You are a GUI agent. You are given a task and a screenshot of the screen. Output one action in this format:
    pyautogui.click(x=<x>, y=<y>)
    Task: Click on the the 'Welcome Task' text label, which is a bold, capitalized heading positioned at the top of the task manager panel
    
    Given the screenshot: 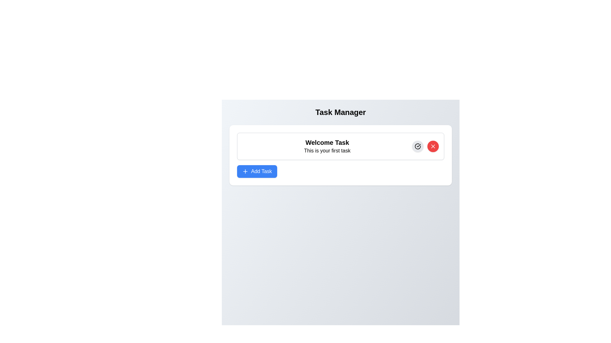 What is the action you would take?
    pyautogui.click(x=327, y=142)
    